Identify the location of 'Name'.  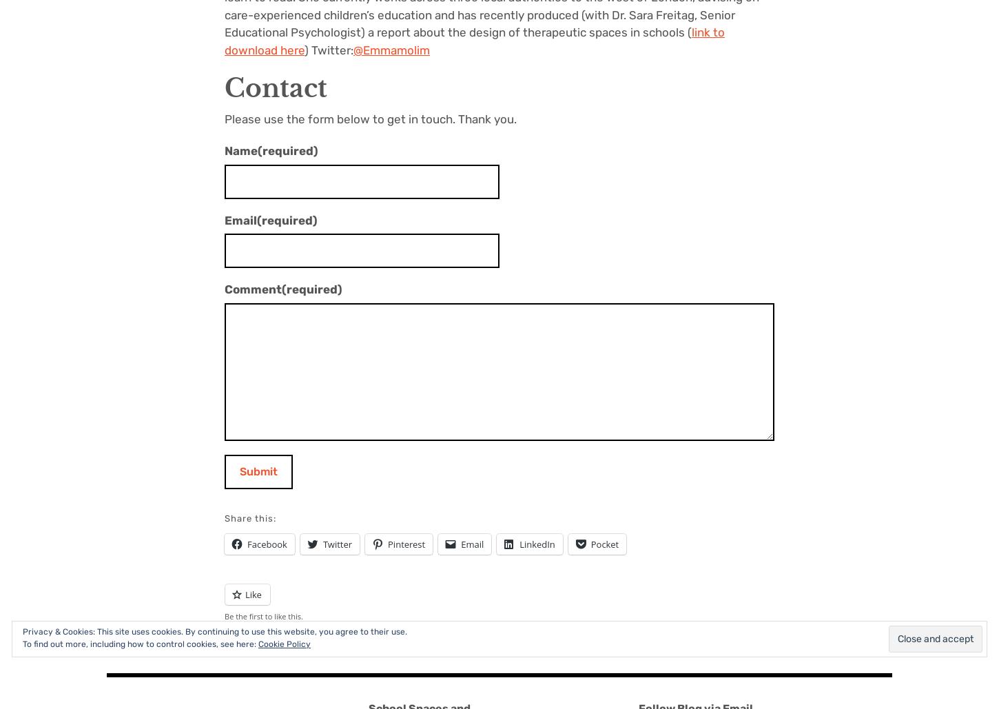
(241, 150).